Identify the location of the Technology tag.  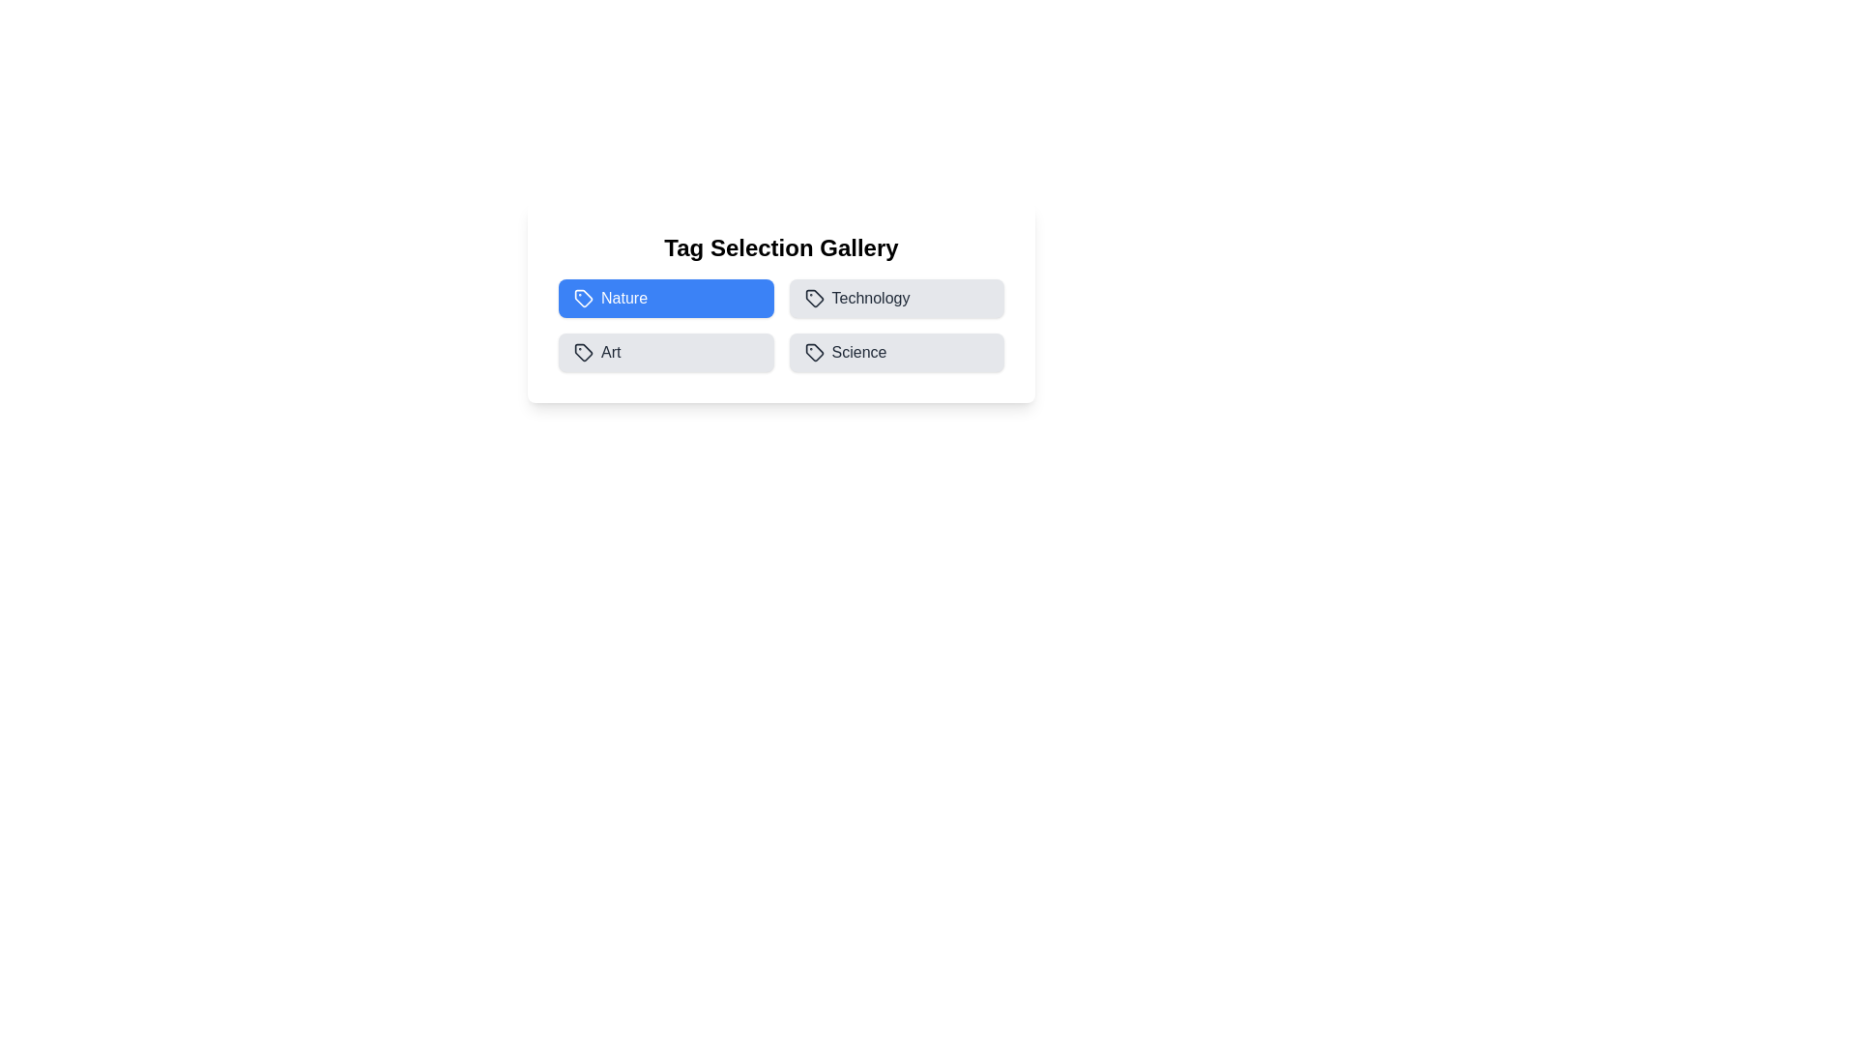
(895, 298).